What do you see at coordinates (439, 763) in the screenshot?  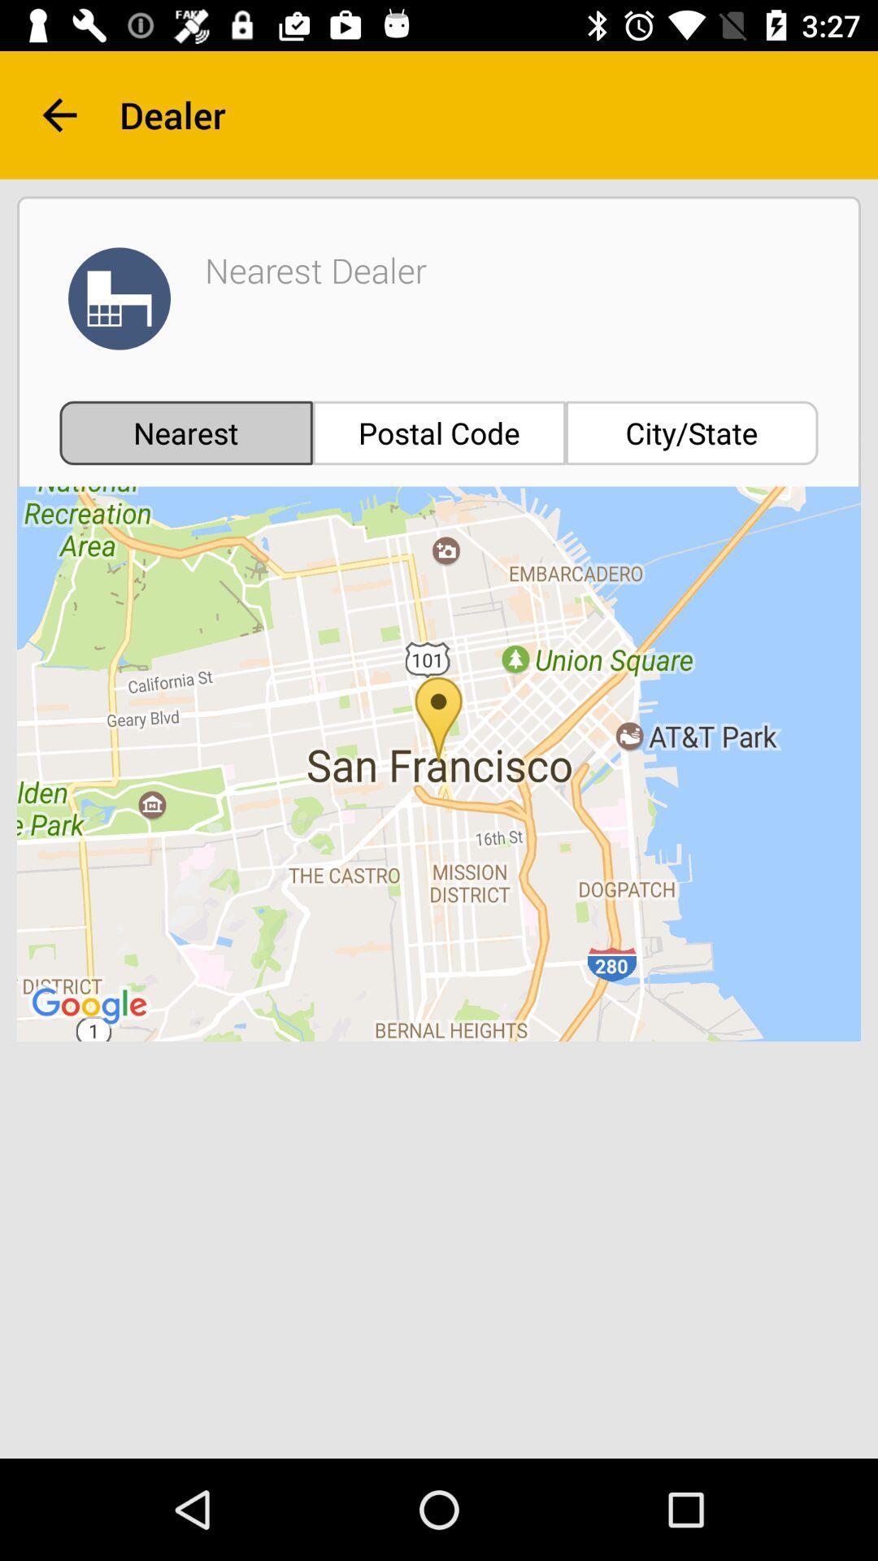 I see `icon at the center` at bounding box center [439, 763].